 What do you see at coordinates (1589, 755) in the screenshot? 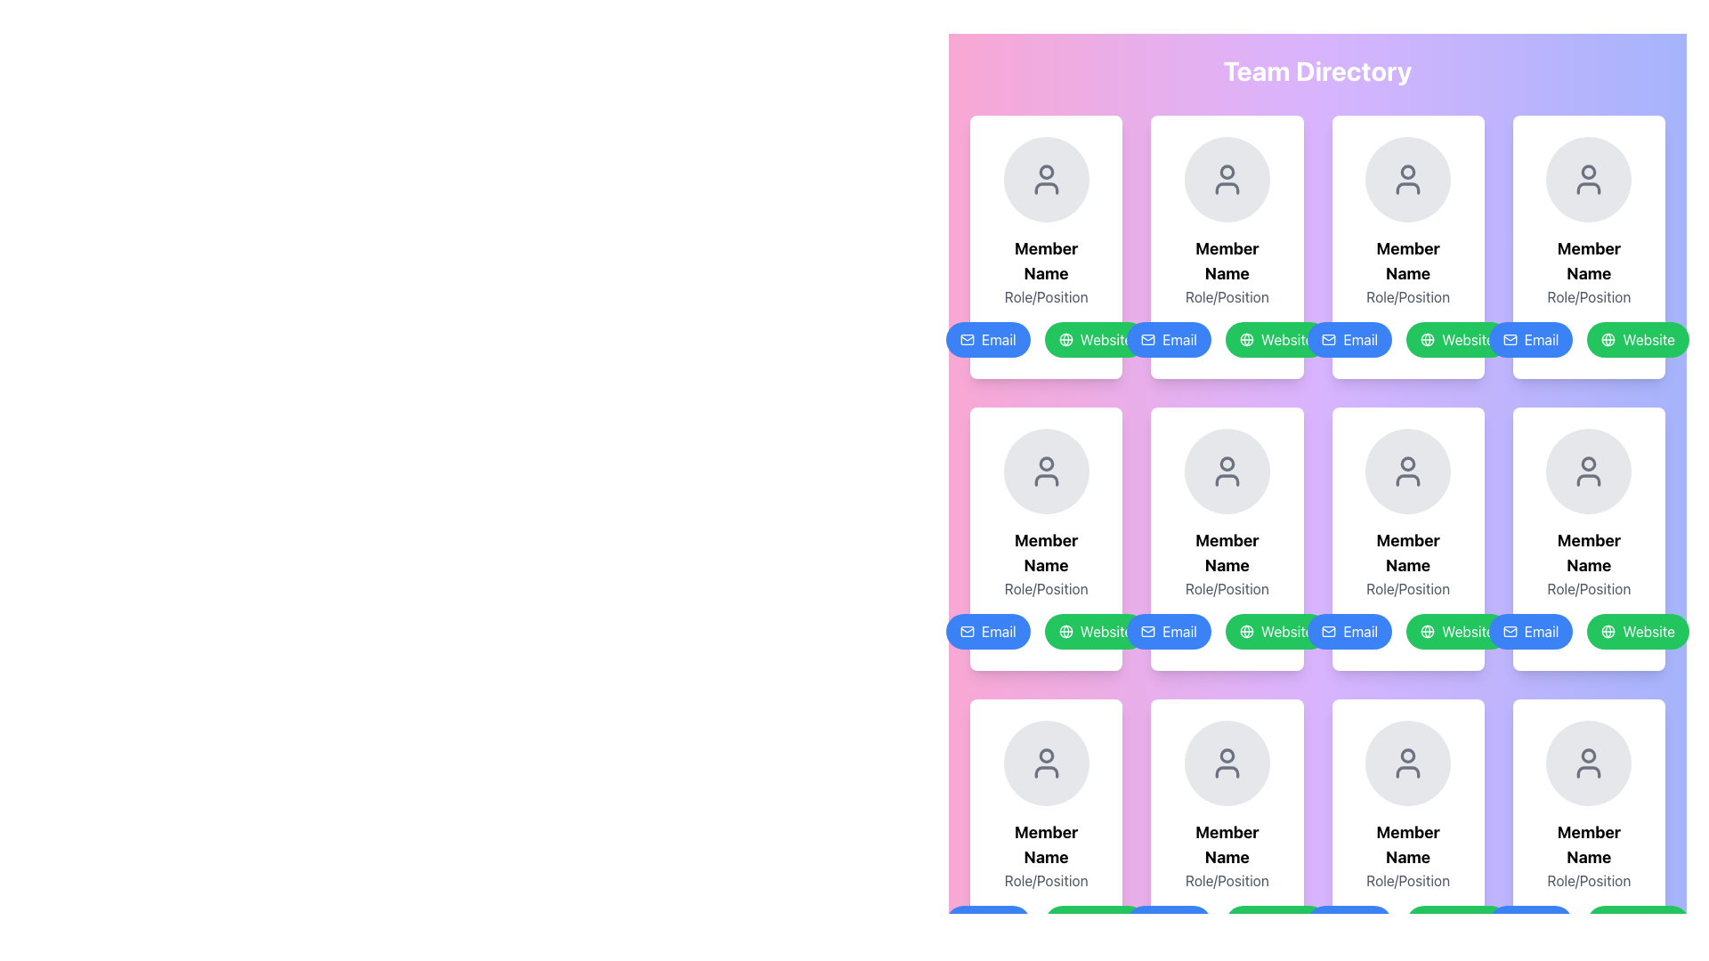
I see `the circular part of the user icon in the last card located at the bottom-right of the layout` at bounding box center [1589, 755].